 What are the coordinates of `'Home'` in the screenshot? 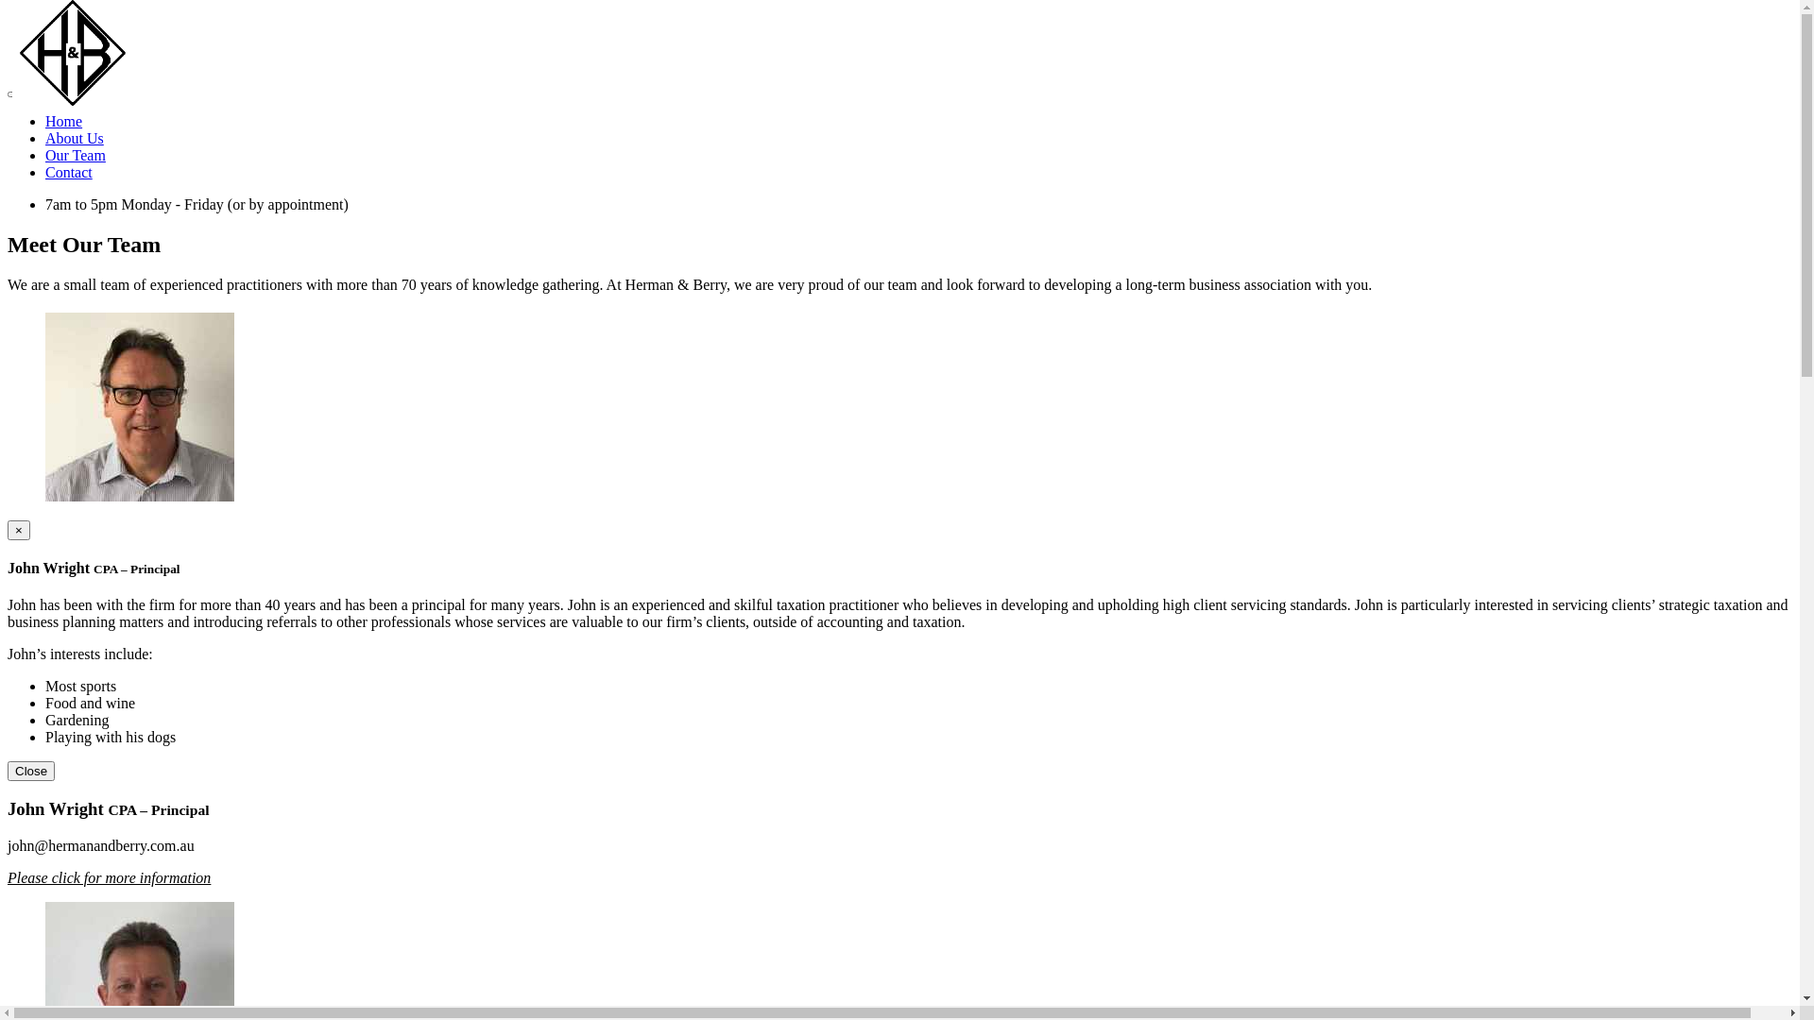 It's located at (63, 121).